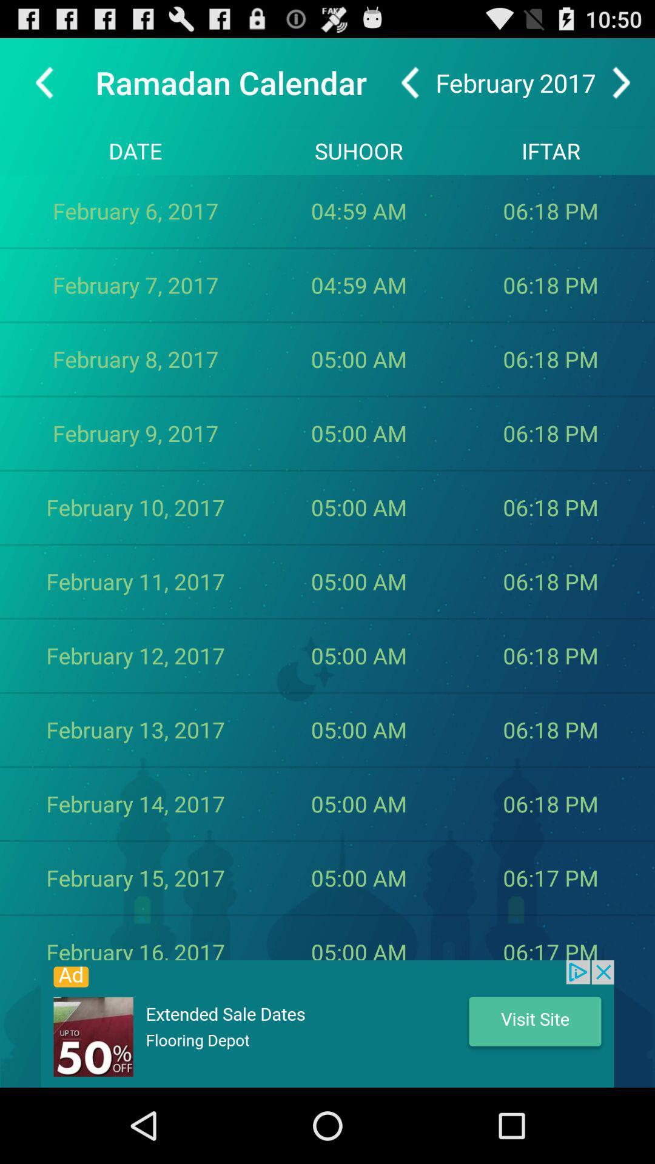  I want to click on undo, so click(409, 82).